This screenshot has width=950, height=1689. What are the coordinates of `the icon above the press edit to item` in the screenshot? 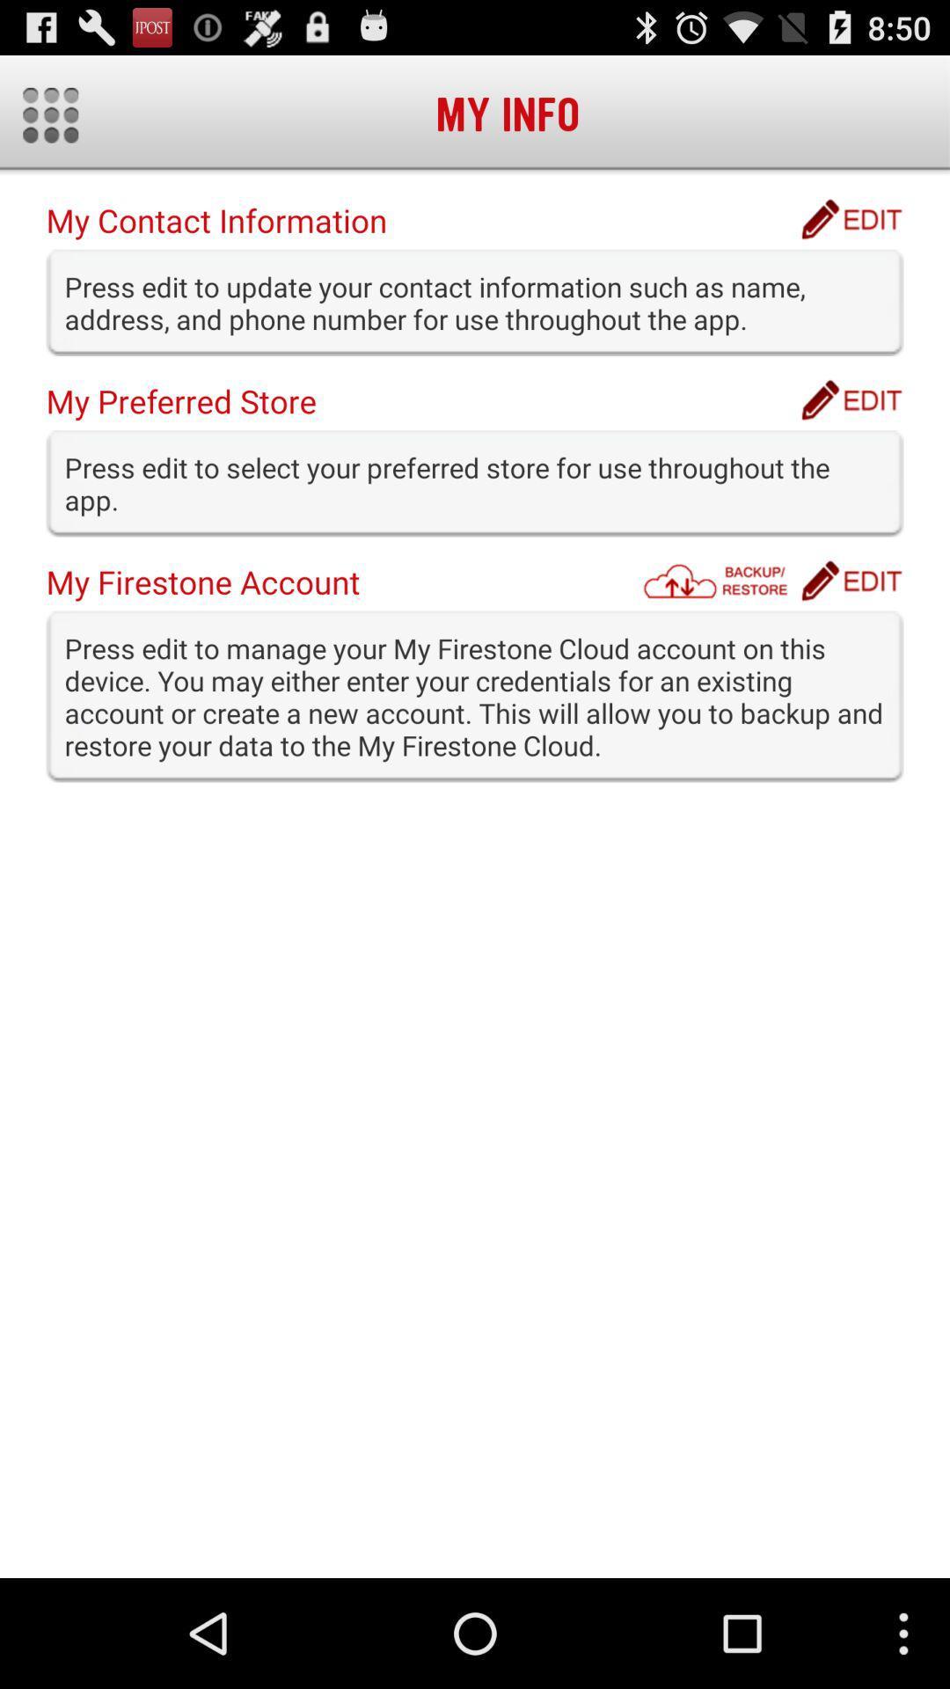 It's located at (720, 581).